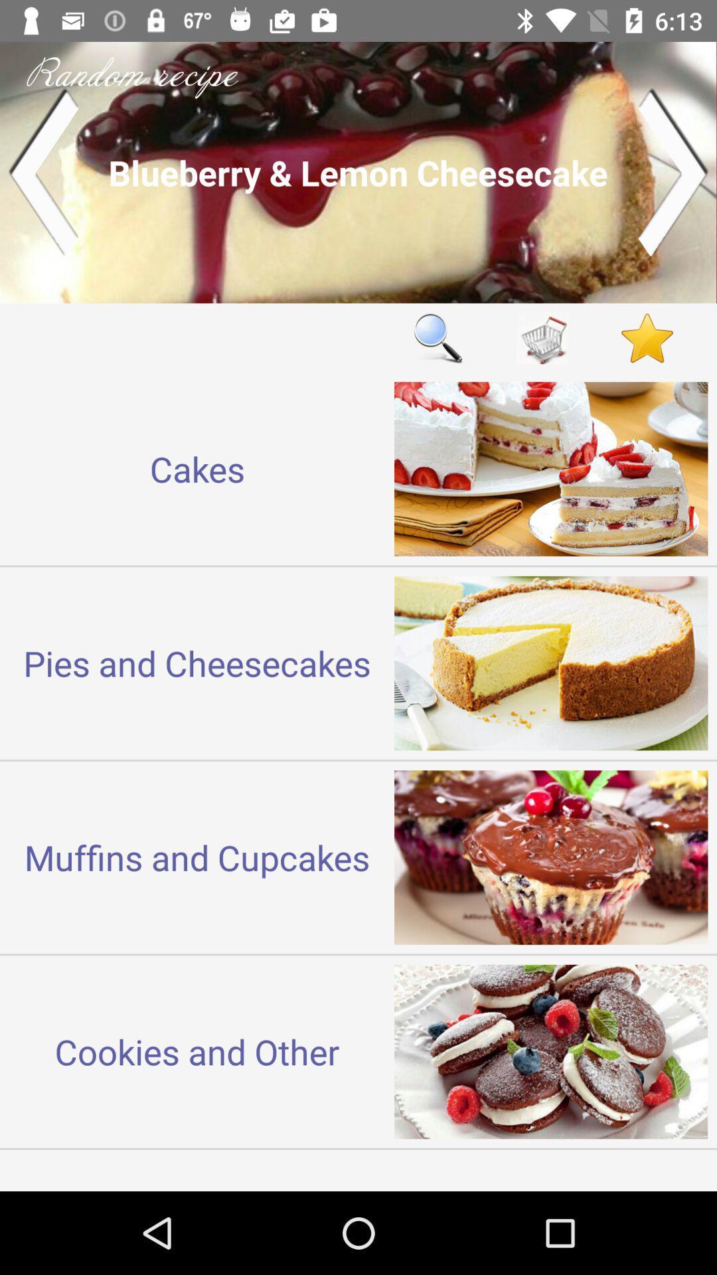  I want to click on the search icon, so click(438, 338).